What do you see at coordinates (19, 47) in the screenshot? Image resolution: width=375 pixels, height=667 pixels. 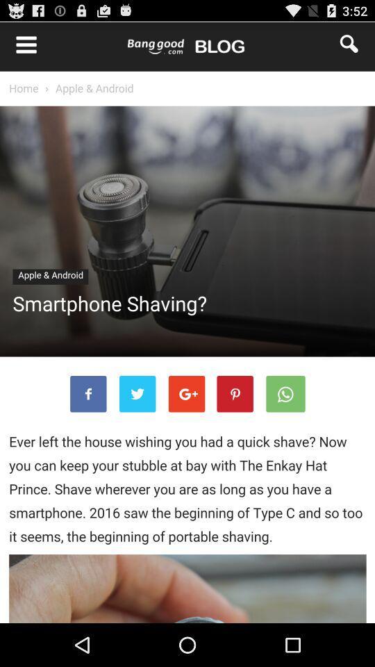 I see `the menu icon` at bounding box center [19, 47].